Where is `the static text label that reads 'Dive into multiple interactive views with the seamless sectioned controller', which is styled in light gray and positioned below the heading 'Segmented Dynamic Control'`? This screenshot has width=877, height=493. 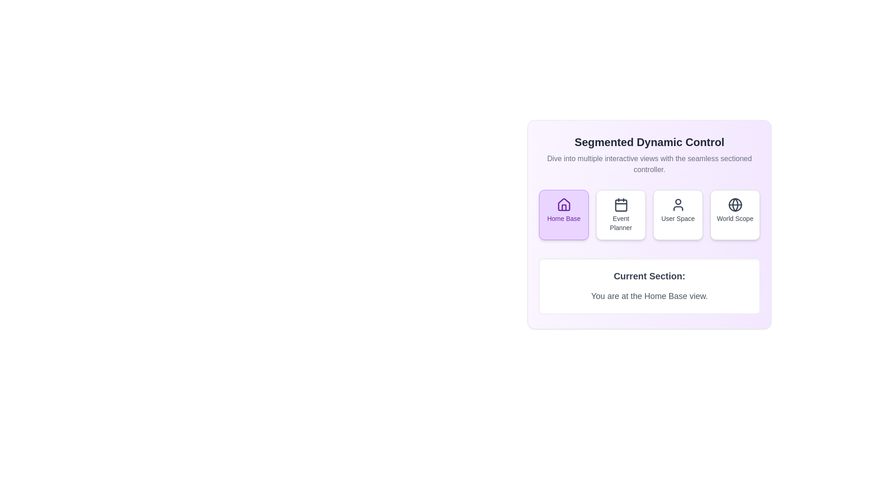
the static text label that reads 'Dive into multiple interactive views with the seamless sectioned controller', which is styled in light gray and positioned below the heading 'Segmented Dynamic Control' is located at coordinates (649, 163).